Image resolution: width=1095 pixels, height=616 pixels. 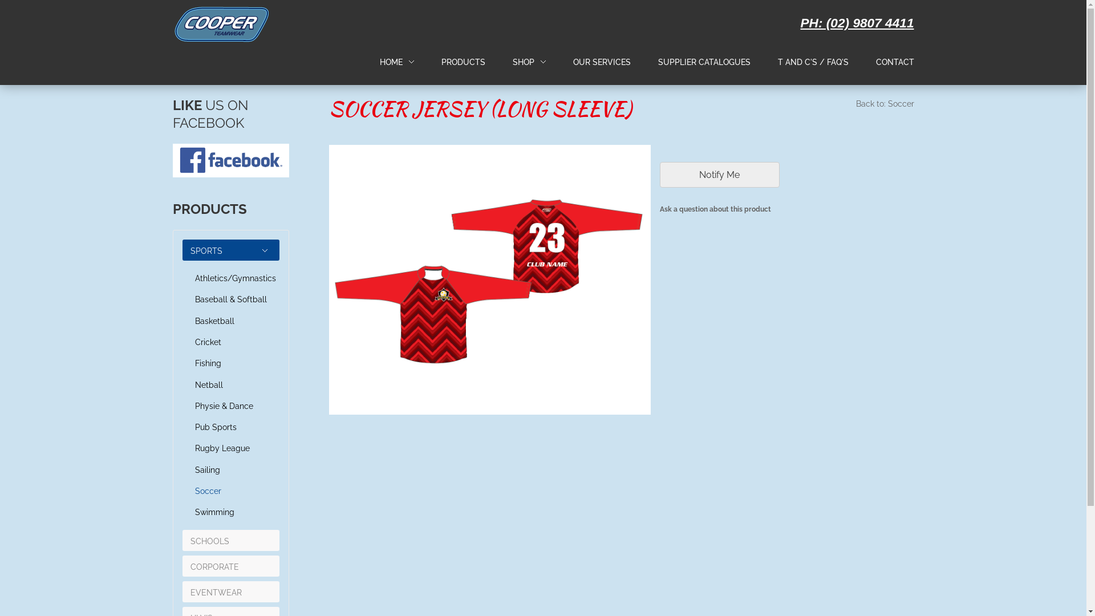 I want to click on 'Rugby League', so click(x=190, y=448).